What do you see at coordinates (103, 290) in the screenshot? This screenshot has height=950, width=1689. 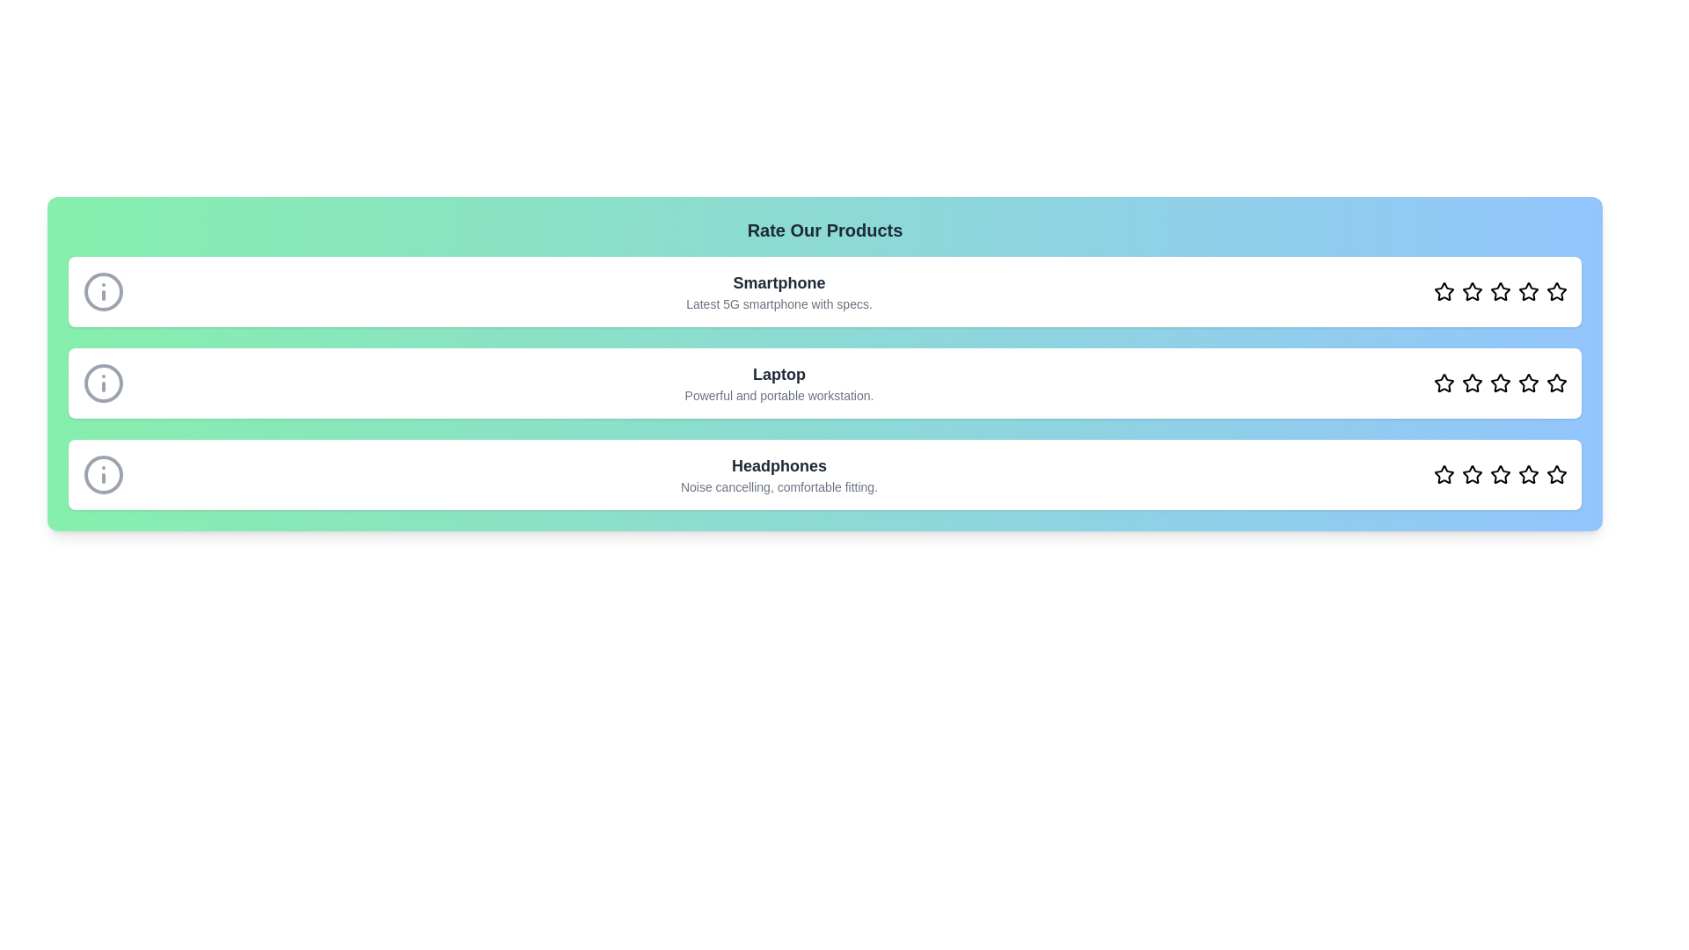 I see `the contents of the information icon located next to the 'Smartphone' product item, which serves as a visual representation of details related to the section` at bounding box center [103, 290].